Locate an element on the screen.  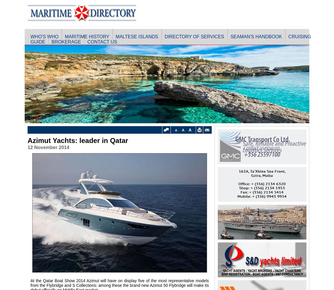
'2' is located at coordinates (37, 118).